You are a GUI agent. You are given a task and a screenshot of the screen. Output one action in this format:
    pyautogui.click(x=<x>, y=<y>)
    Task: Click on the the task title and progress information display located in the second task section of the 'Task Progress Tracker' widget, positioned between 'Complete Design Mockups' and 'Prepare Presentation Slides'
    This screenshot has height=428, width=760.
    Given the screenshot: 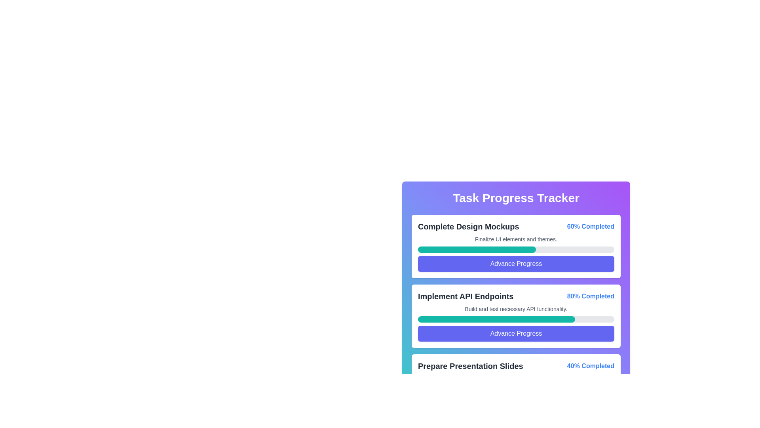 What is the action you would take?
    pyautogui.click(x=516, y=296)
    